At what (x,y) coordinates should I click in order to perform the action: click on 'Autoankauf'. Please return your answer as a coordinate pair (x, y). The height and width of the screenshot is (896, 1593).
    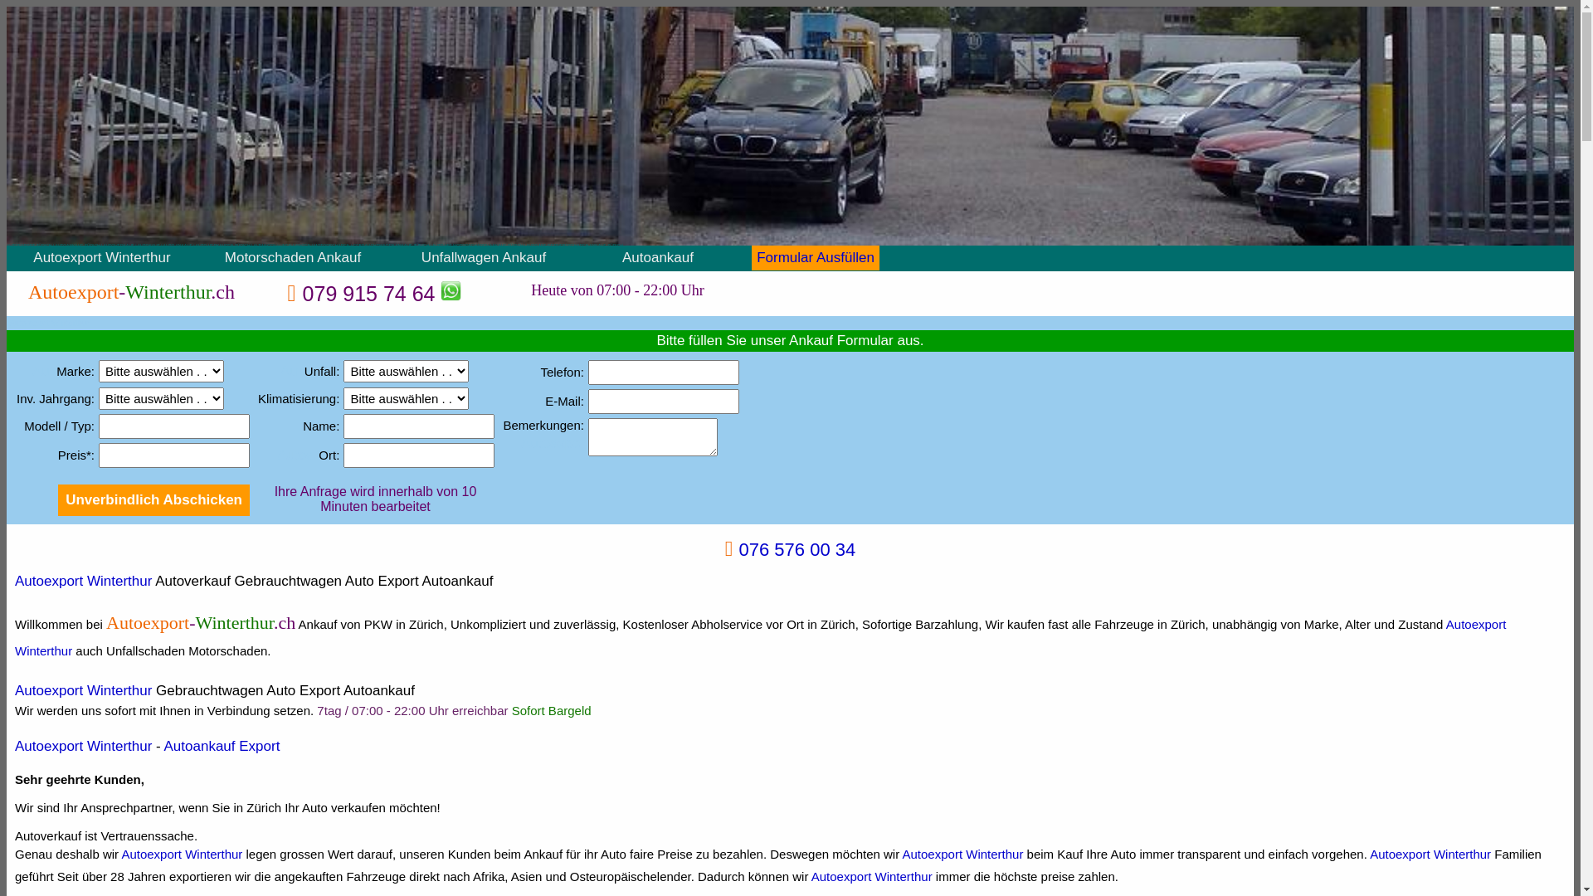
    Looking at the image, I should click on (656, 257).